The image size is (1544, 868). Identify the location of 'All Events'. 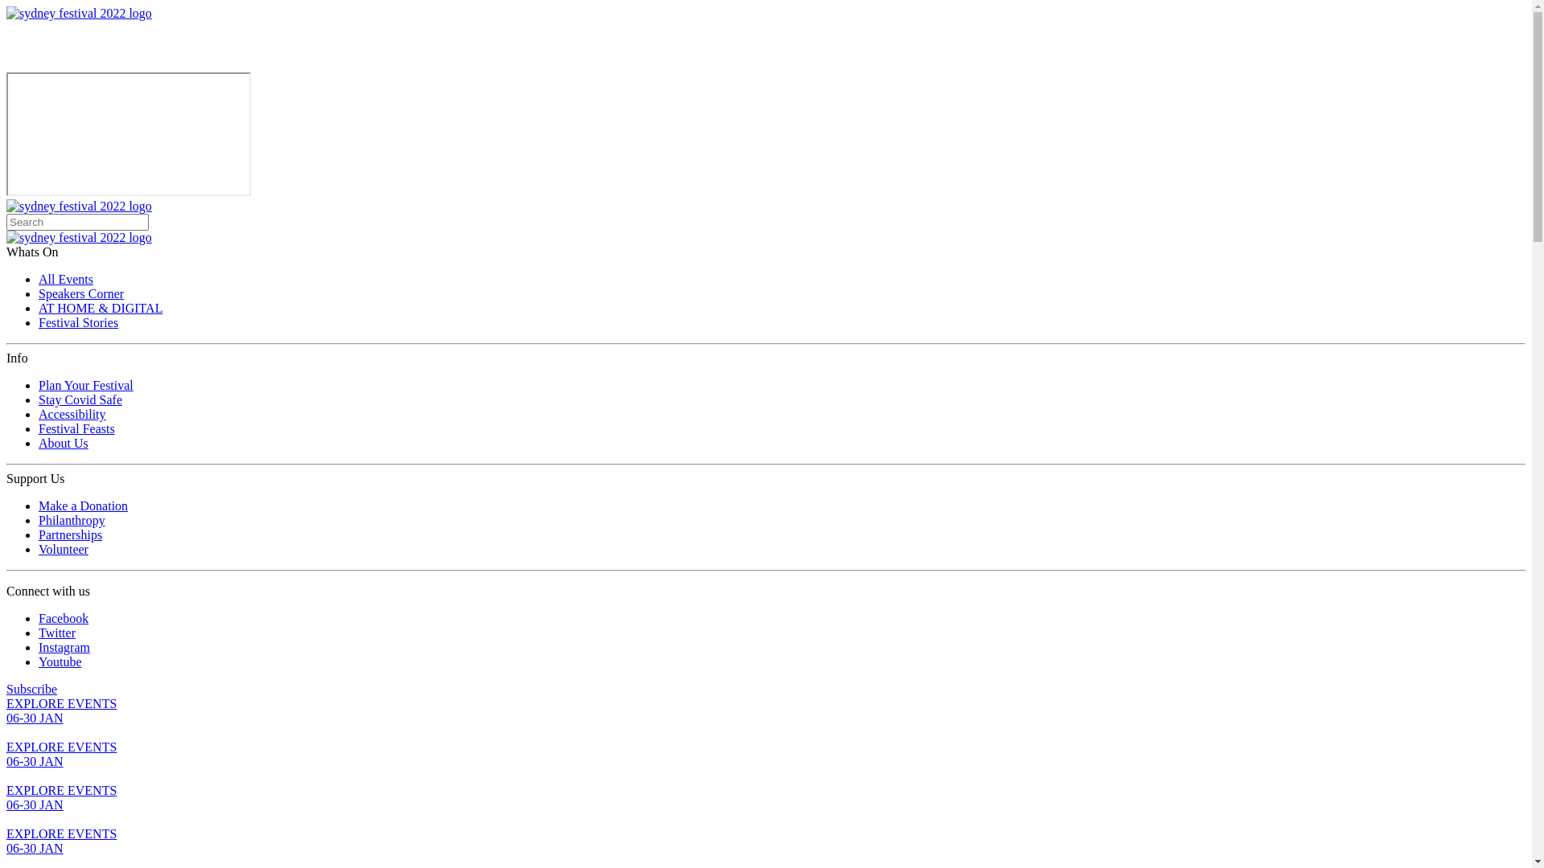
(64, 278).